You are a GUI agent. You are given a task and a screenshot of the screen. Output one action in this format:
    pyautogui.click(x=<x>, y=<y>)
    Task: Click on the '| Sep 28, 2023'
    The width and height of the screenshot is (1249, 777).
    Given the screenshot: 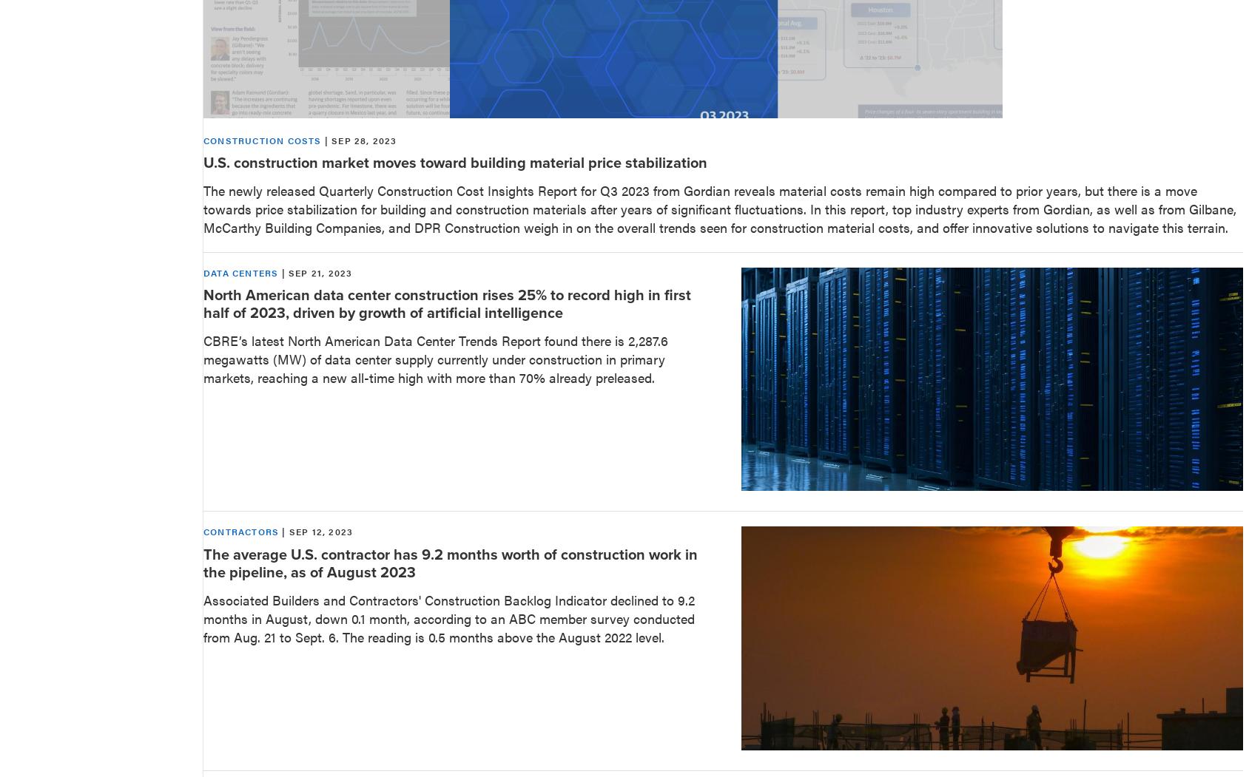 What is the action you would take?
    pyautogui.click(x=357, y=139)
    